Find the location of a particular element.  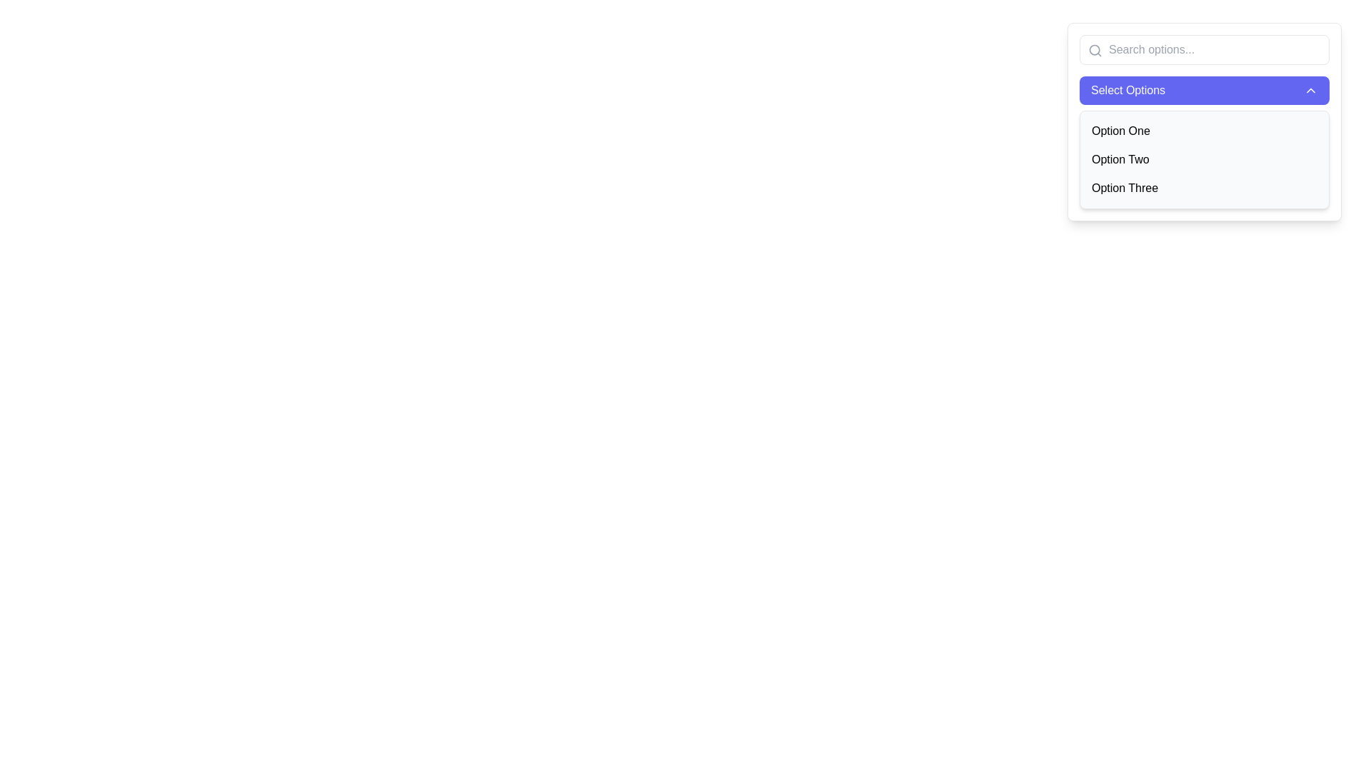

the upward-pointing chevron icon located in the top-right corner of the 'Select Options' dropdown is located at coordinates (1311, 91).